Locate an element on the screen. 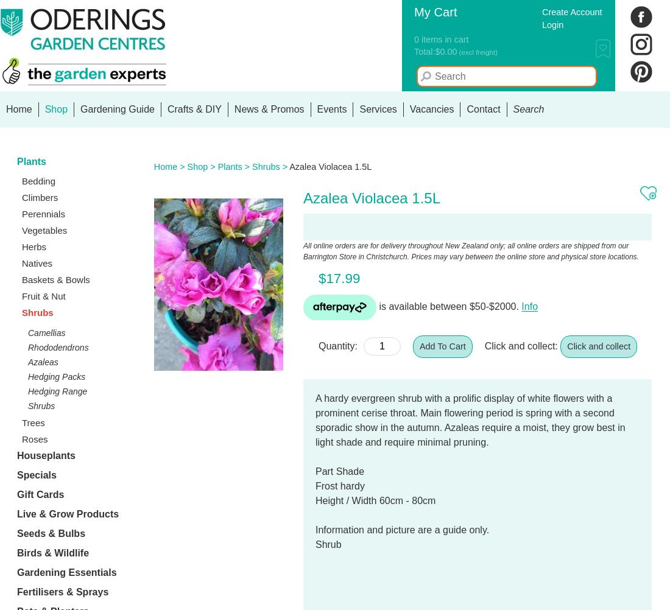  'All online orders are for delivery throughout New Zealand only; all online orders are shipped from our Barrington Store in Christchurch. Prices may vary between the online store and physical store locations.' is located at coordinates (470, 251).